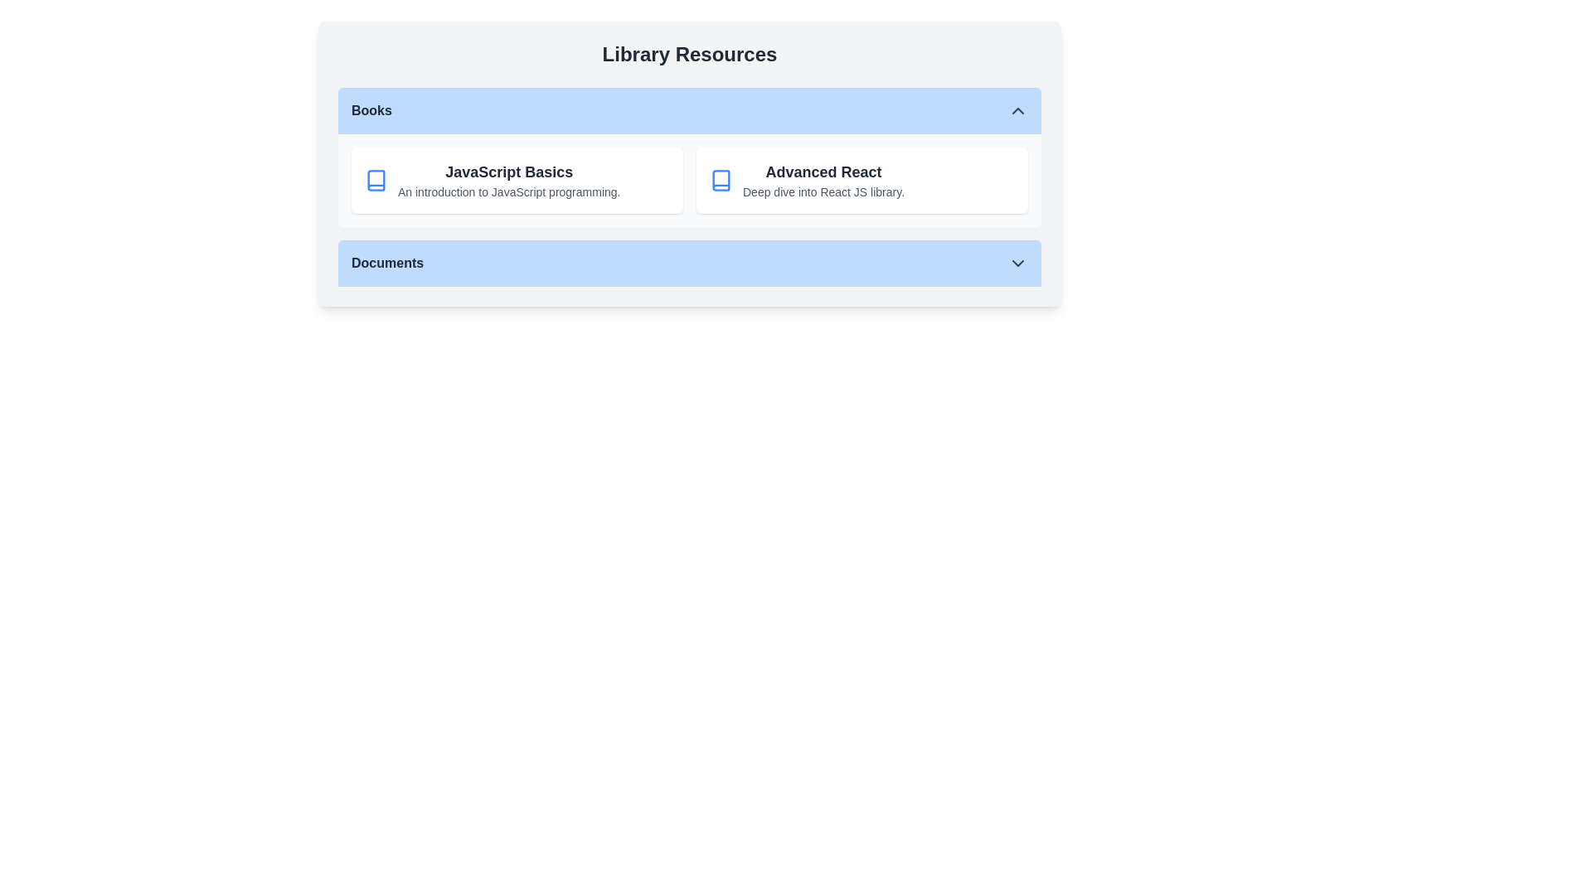  Describe the element at coordinates (508, 172) in the screenshot. I see `the text label titled 'JavaScript Basics' located in the upper left section of the 'Books' subsection within the 'Library Resources' interface` at that location.